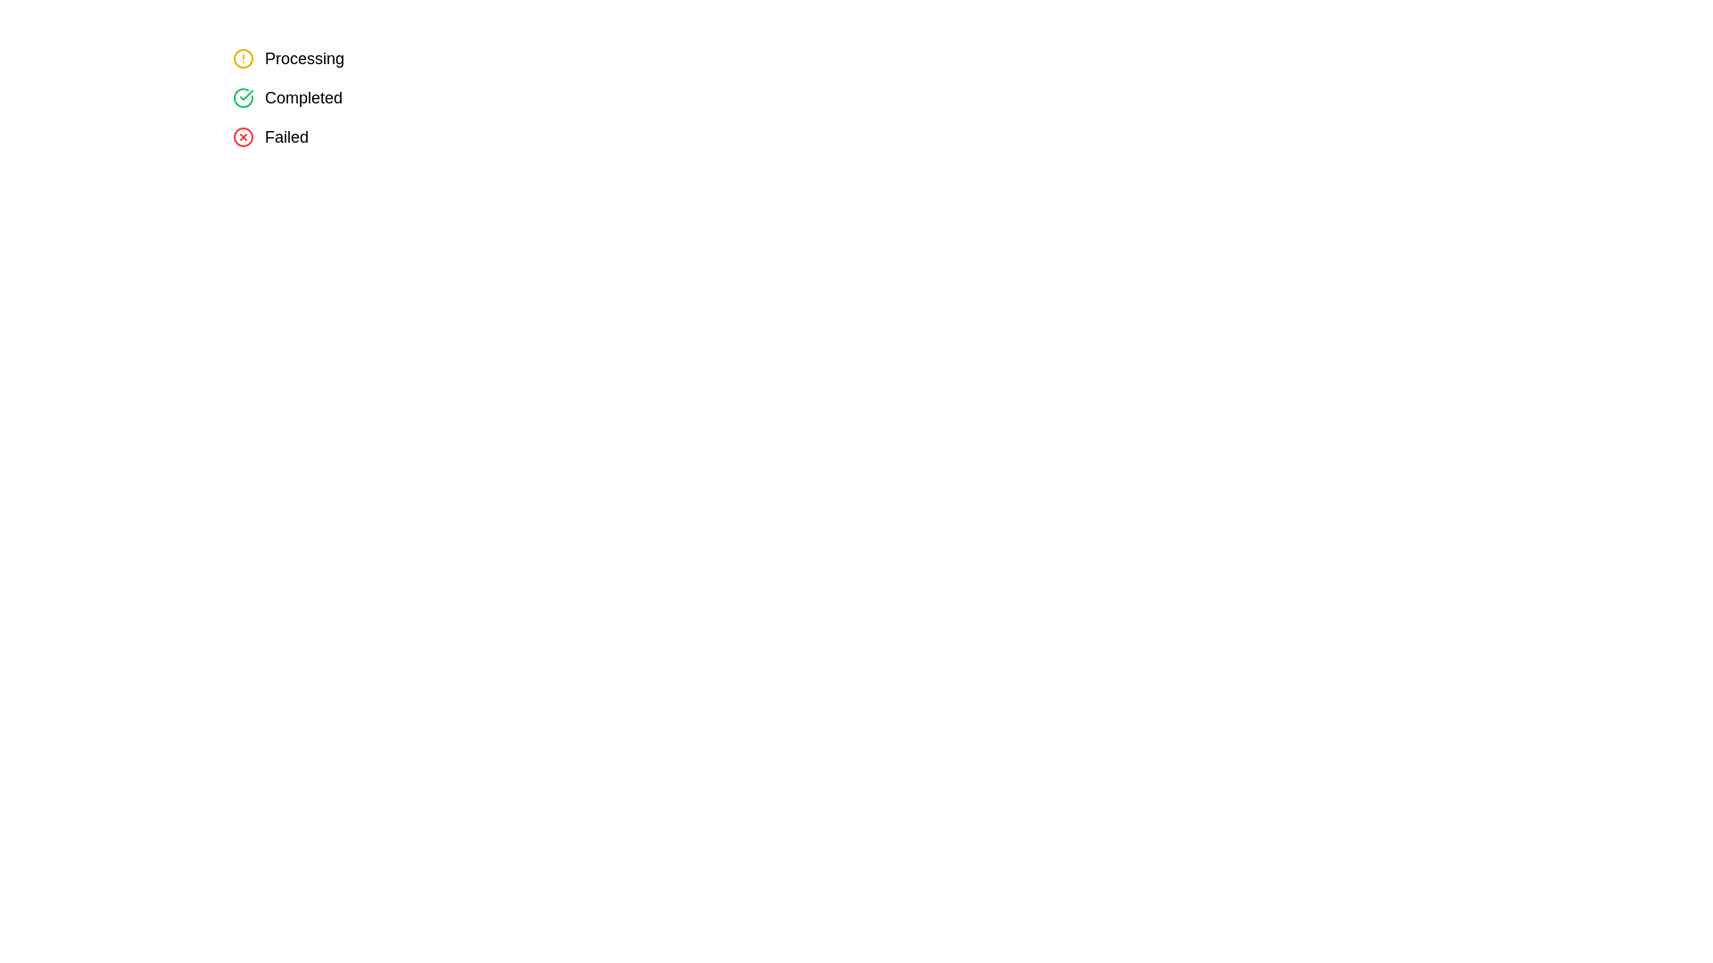 The image size is (1713, 963). Describe the element at coordinates (243, 136) in the screenshot. I see `the SVG Circle that is part of the failed status icon, located under the 'Failed' label` at that location.